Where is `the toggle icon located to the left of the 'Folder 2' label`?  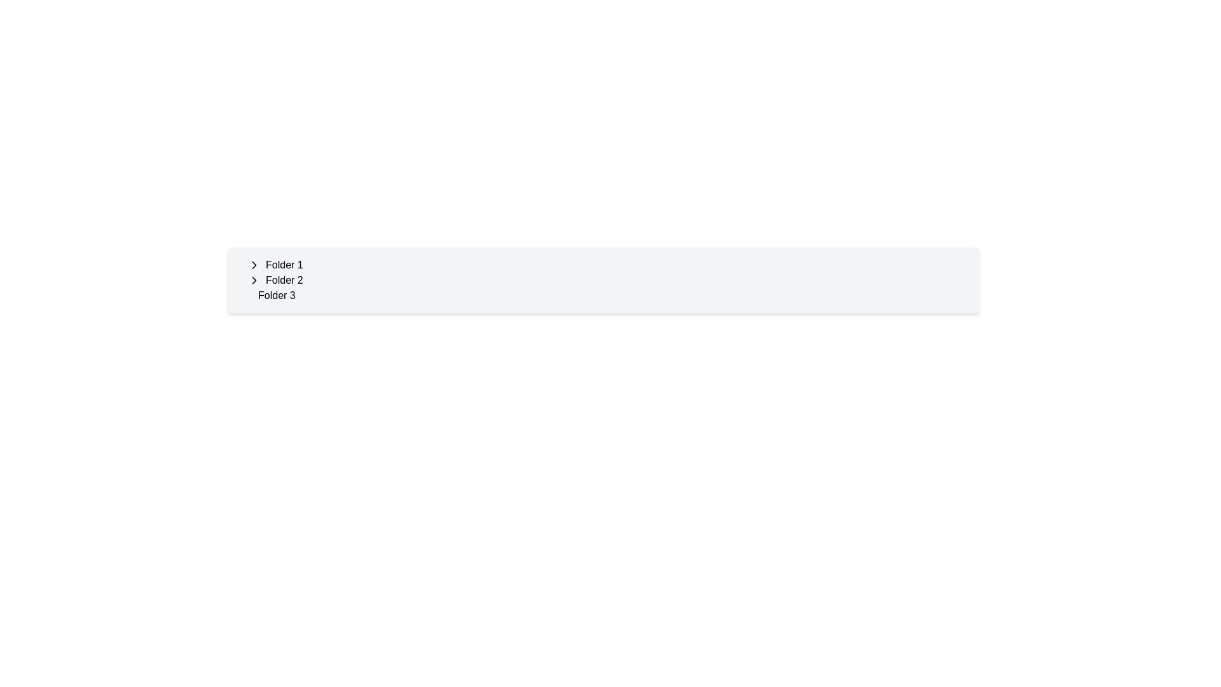
the toggle icon located to the left of the 'Folder 2' label is located at coordinates (254, 279).